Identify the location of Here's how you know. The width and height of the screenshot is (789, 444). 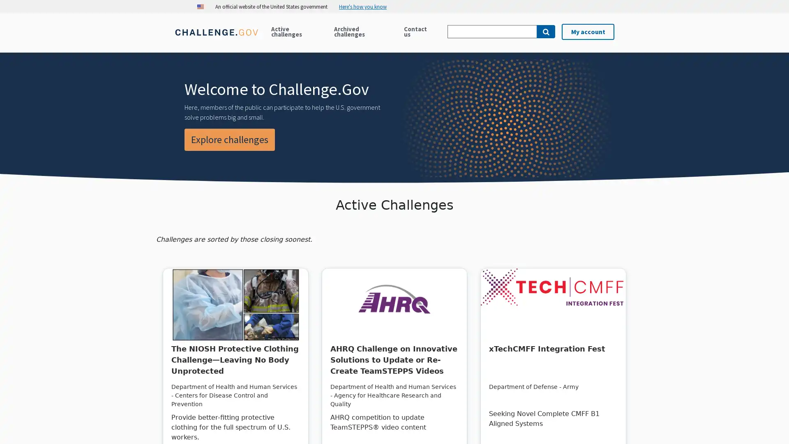
(366, 6).